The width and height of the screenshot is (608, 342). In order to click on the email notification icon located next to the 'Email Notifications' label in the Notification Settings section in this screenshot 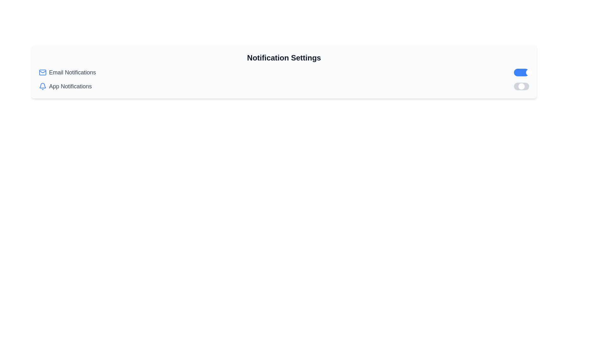, I will do `click(42, 72)`.